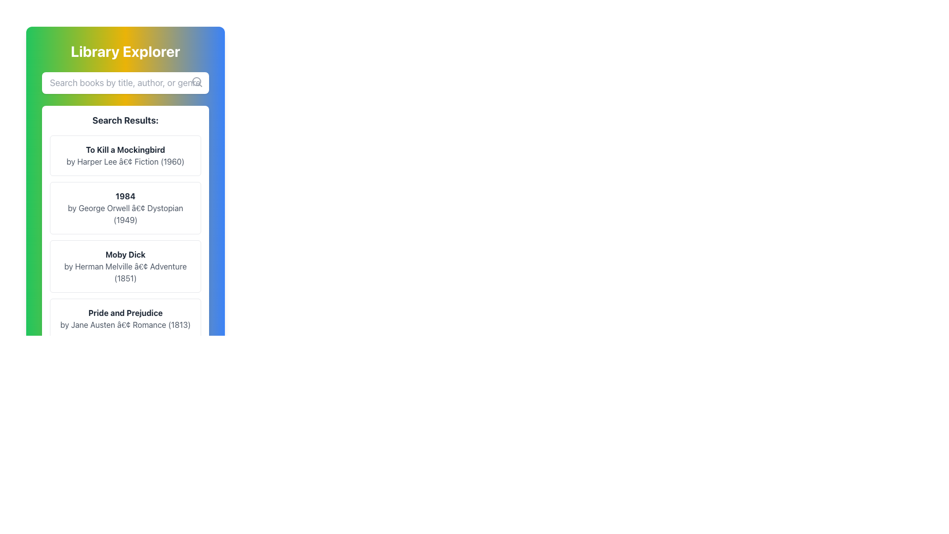 The width and height of the screenshot is (949, 534). Describe the element at coordinates (125, 161) in the screenshot. I see `the text snippet reading 'by Harper Lee • Fiction (1960)' which is located below the title 'To Kill a Mockingbird' in the search results list` at that location.